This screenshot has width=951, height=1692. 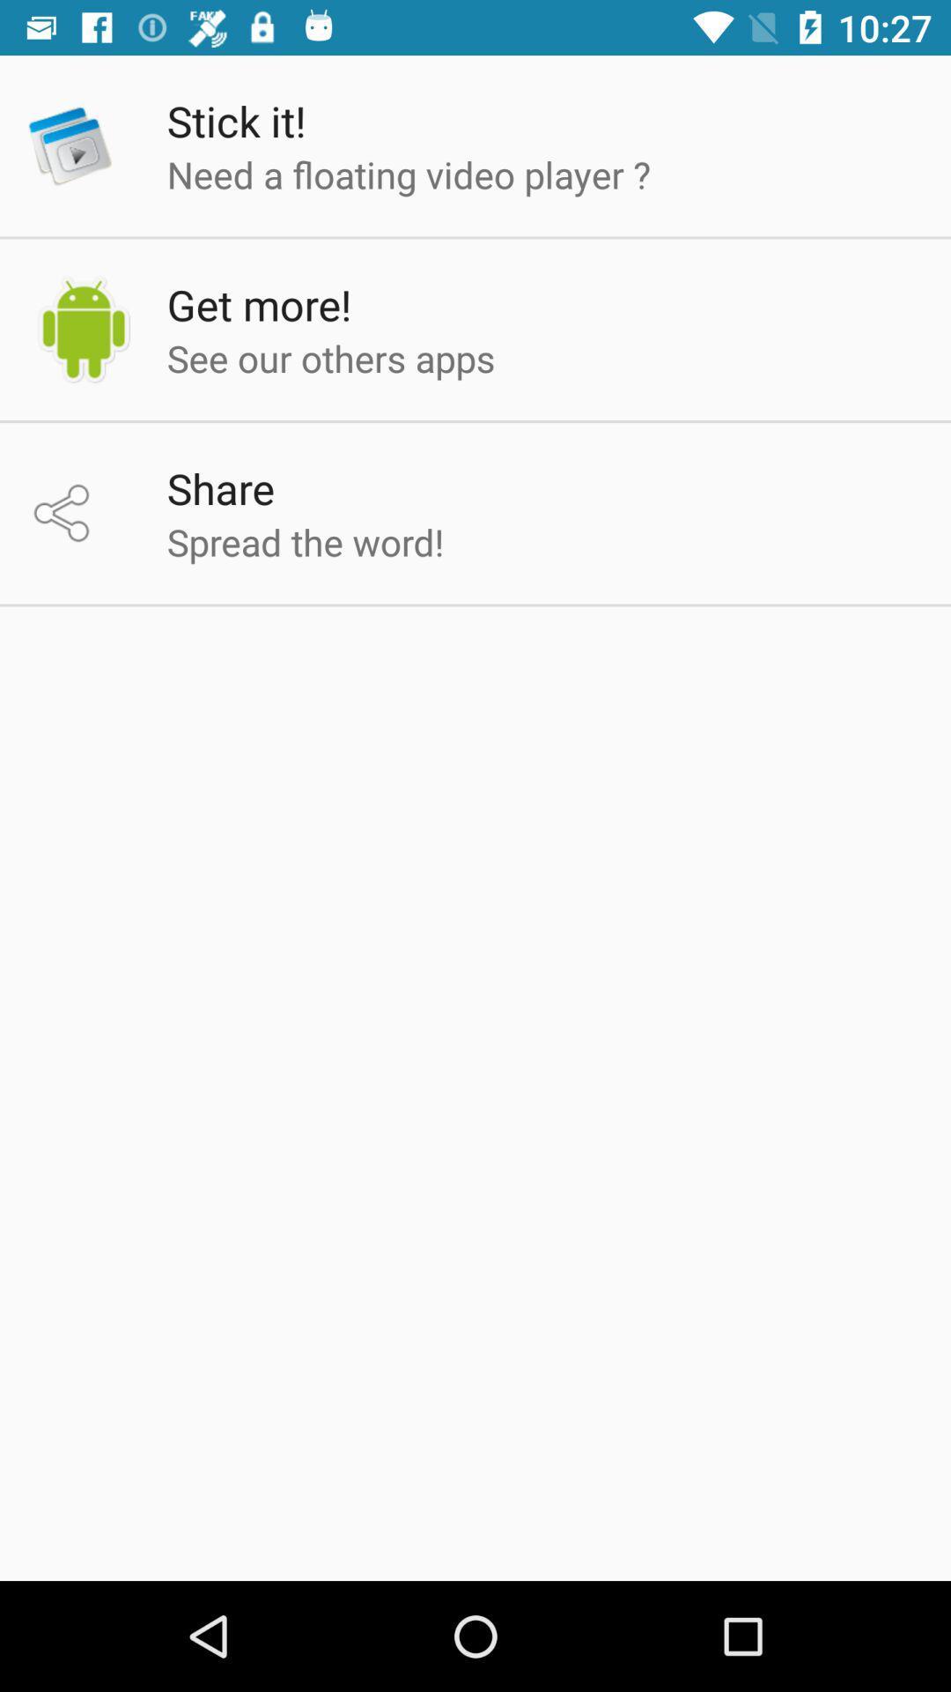 I want to click on see our others, so click(x=331, y=357).